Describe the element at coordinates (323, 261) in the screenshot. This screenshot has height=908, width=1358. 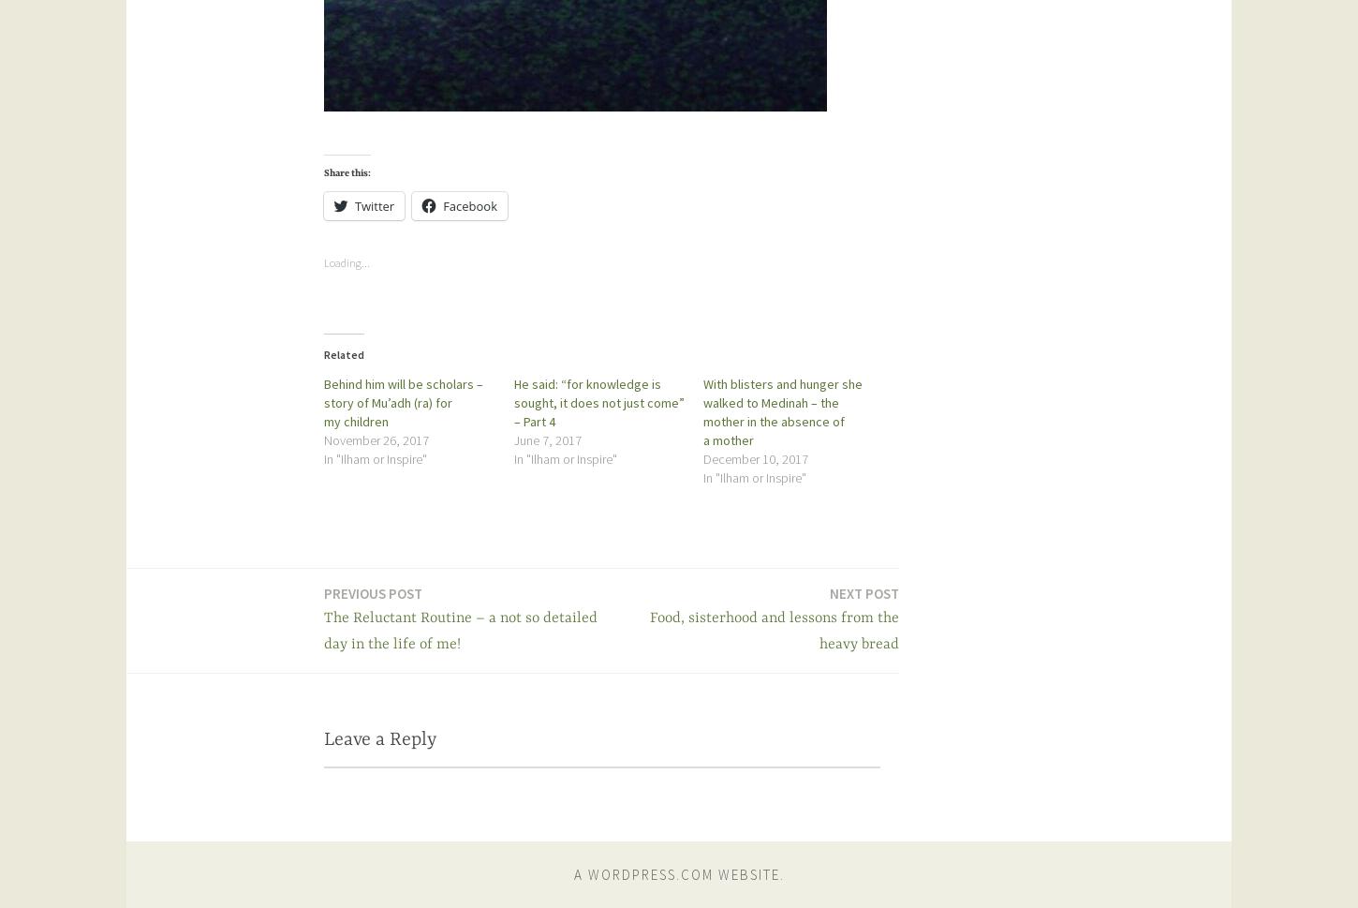
I see `'Loading...'` at that location.